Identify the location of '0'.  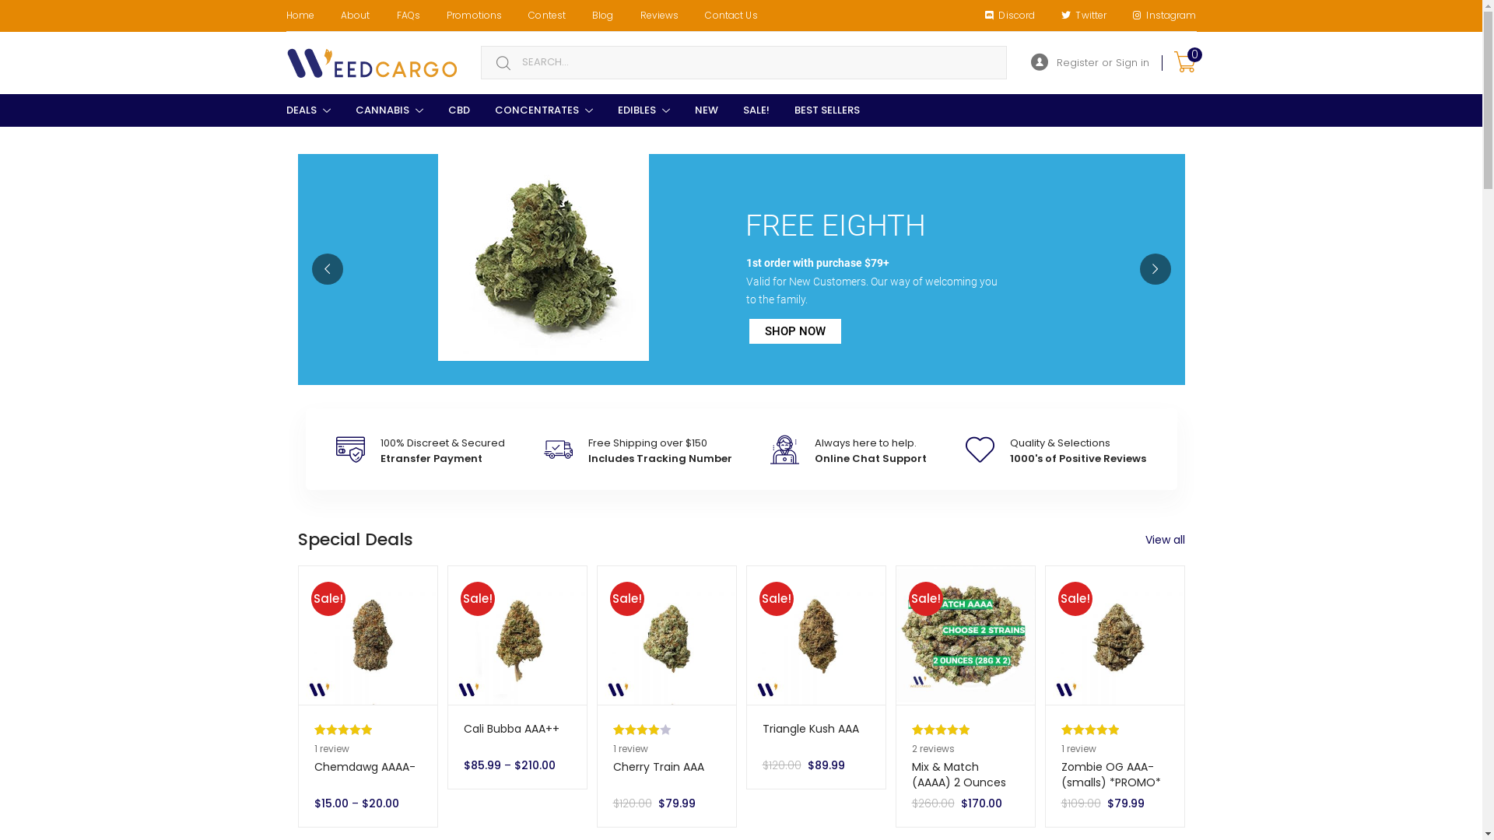
(1183, 62).